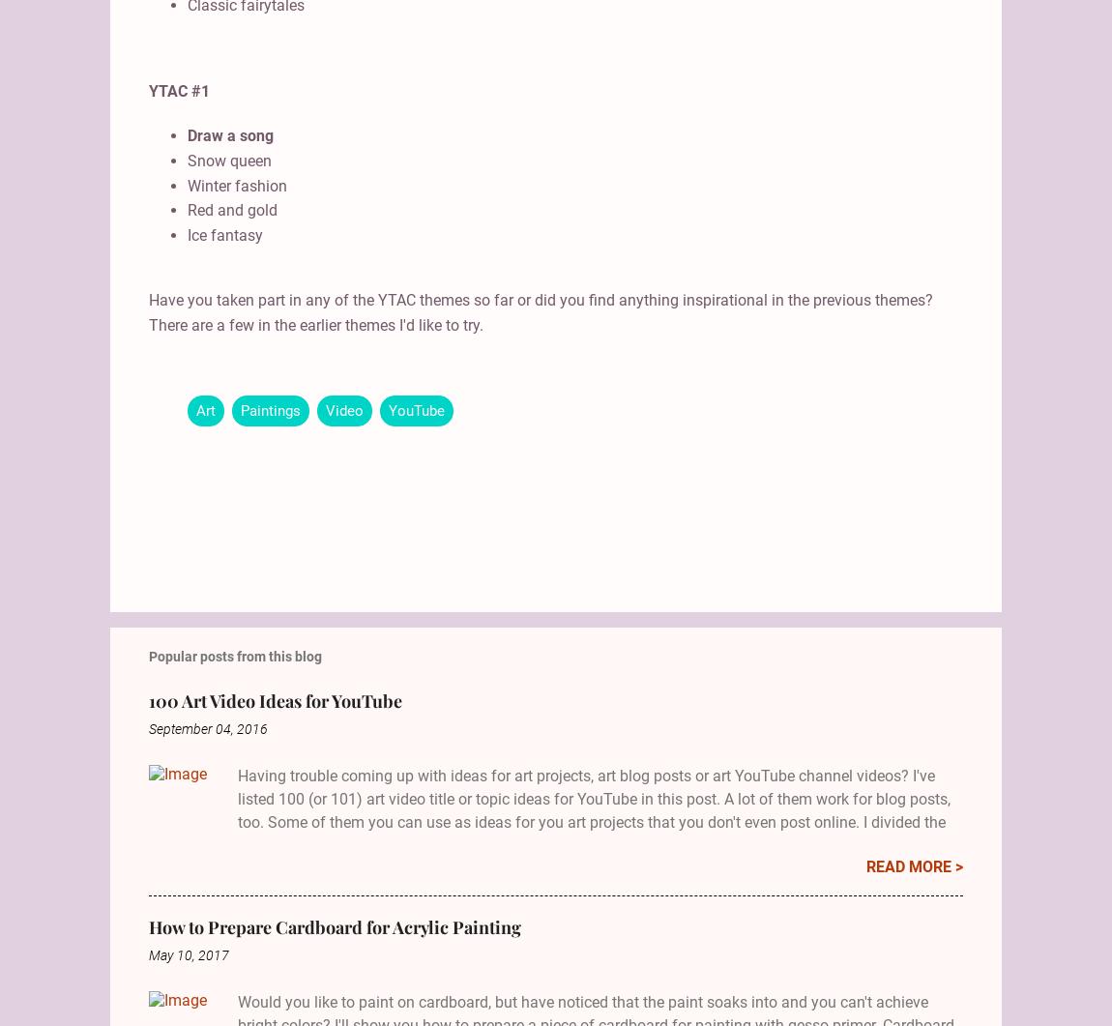  What do you see at coordinates (344, 411) in the screenshot?
I see `'Video'` at bounding box center [344, 411].